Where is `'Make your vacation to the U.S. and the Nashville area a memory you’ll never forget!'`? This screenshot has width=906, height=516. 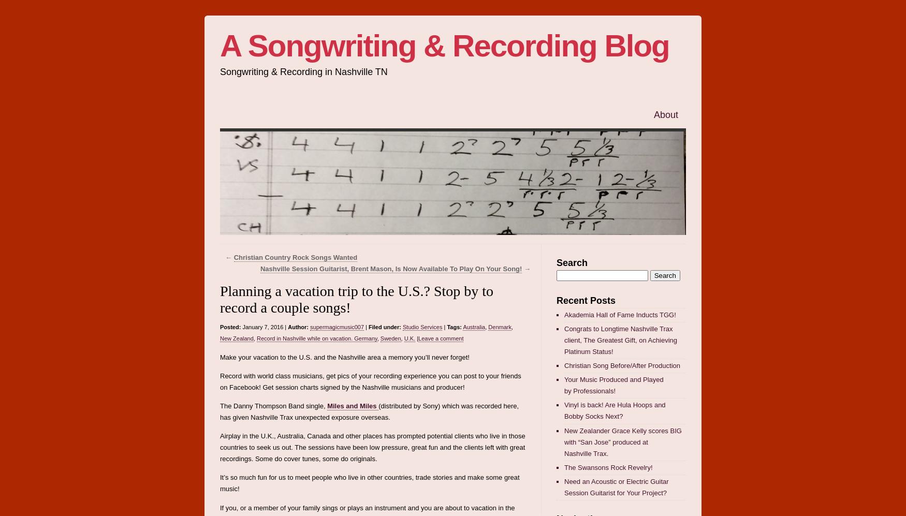 'Make your vacation to the U.S. and the Nashville area a memory you’ll never forget!' is located at coordinates (344, 356).